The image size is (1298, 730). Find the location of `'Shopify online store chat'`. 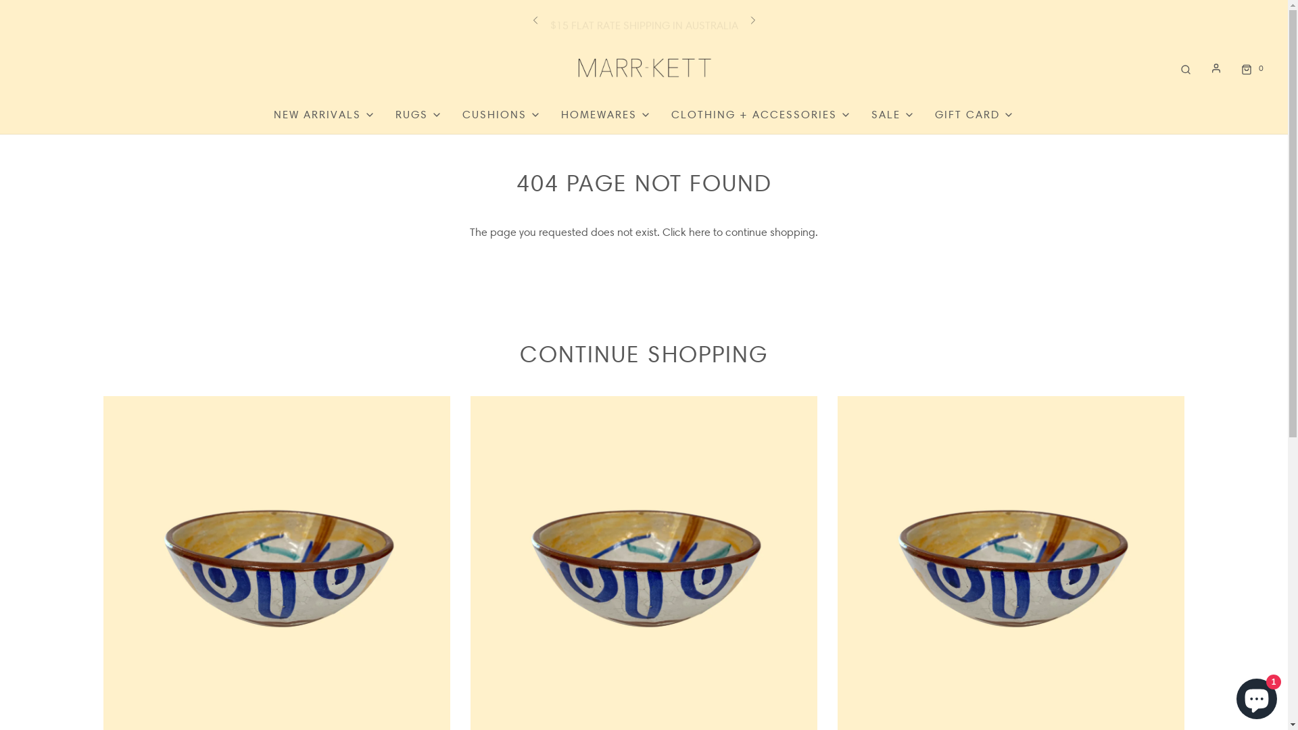

'Shopify online store chat' is located at coordinates (1255, 696).